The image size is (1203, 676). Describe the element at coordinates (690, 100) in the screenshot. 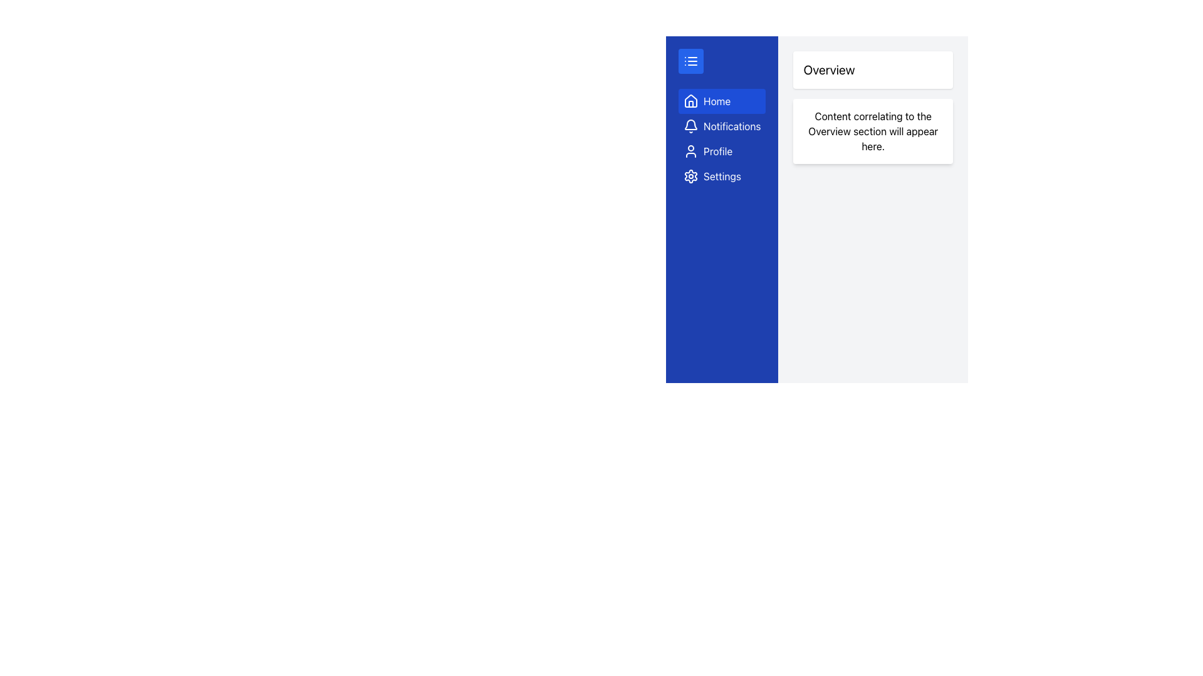

I see `the home icon in the left-hand sidebar menu, which helps users navigate to the home feature` at that location.